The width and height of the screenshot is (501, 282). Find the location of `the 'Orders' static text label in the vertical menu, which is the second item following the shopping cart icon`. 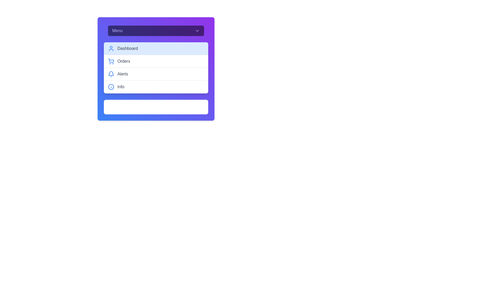

the 'Orders' static text label in the vertical menu, which is the second item following the shopping cart icon is located at coordinates (123, 61).